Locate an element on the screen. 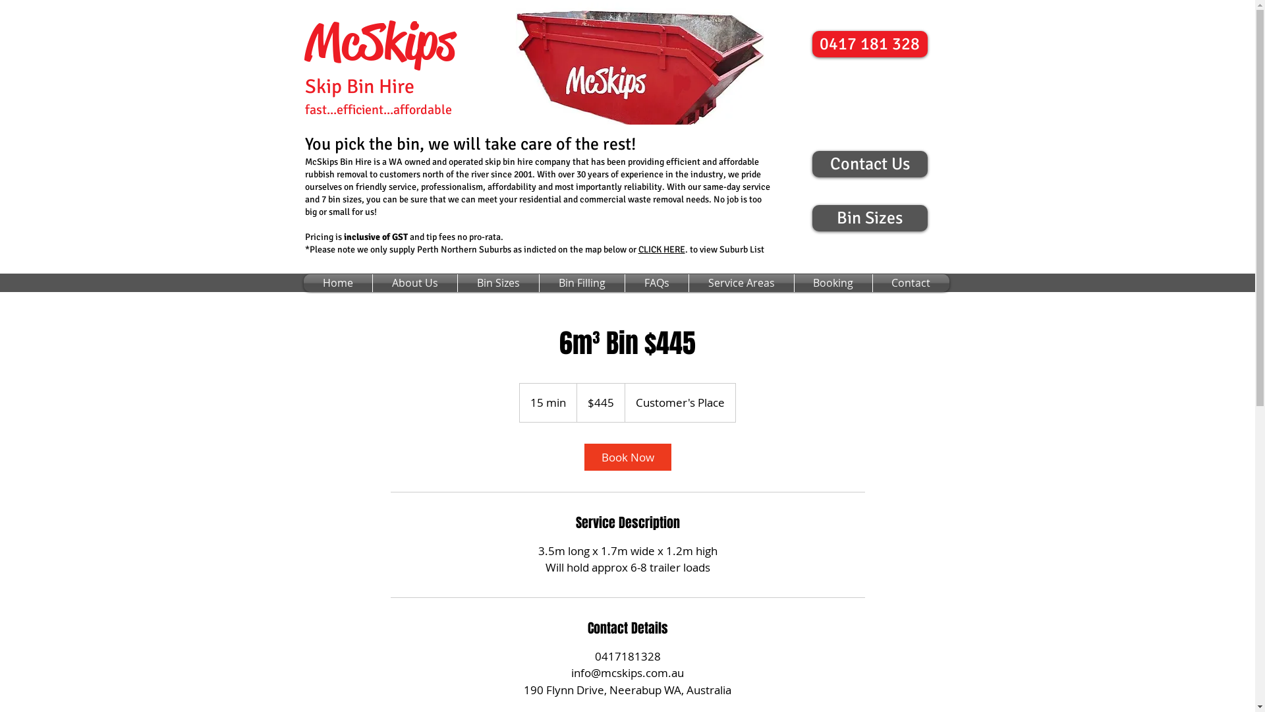  'Bin Sizes' is located at coordinates (811, 218).